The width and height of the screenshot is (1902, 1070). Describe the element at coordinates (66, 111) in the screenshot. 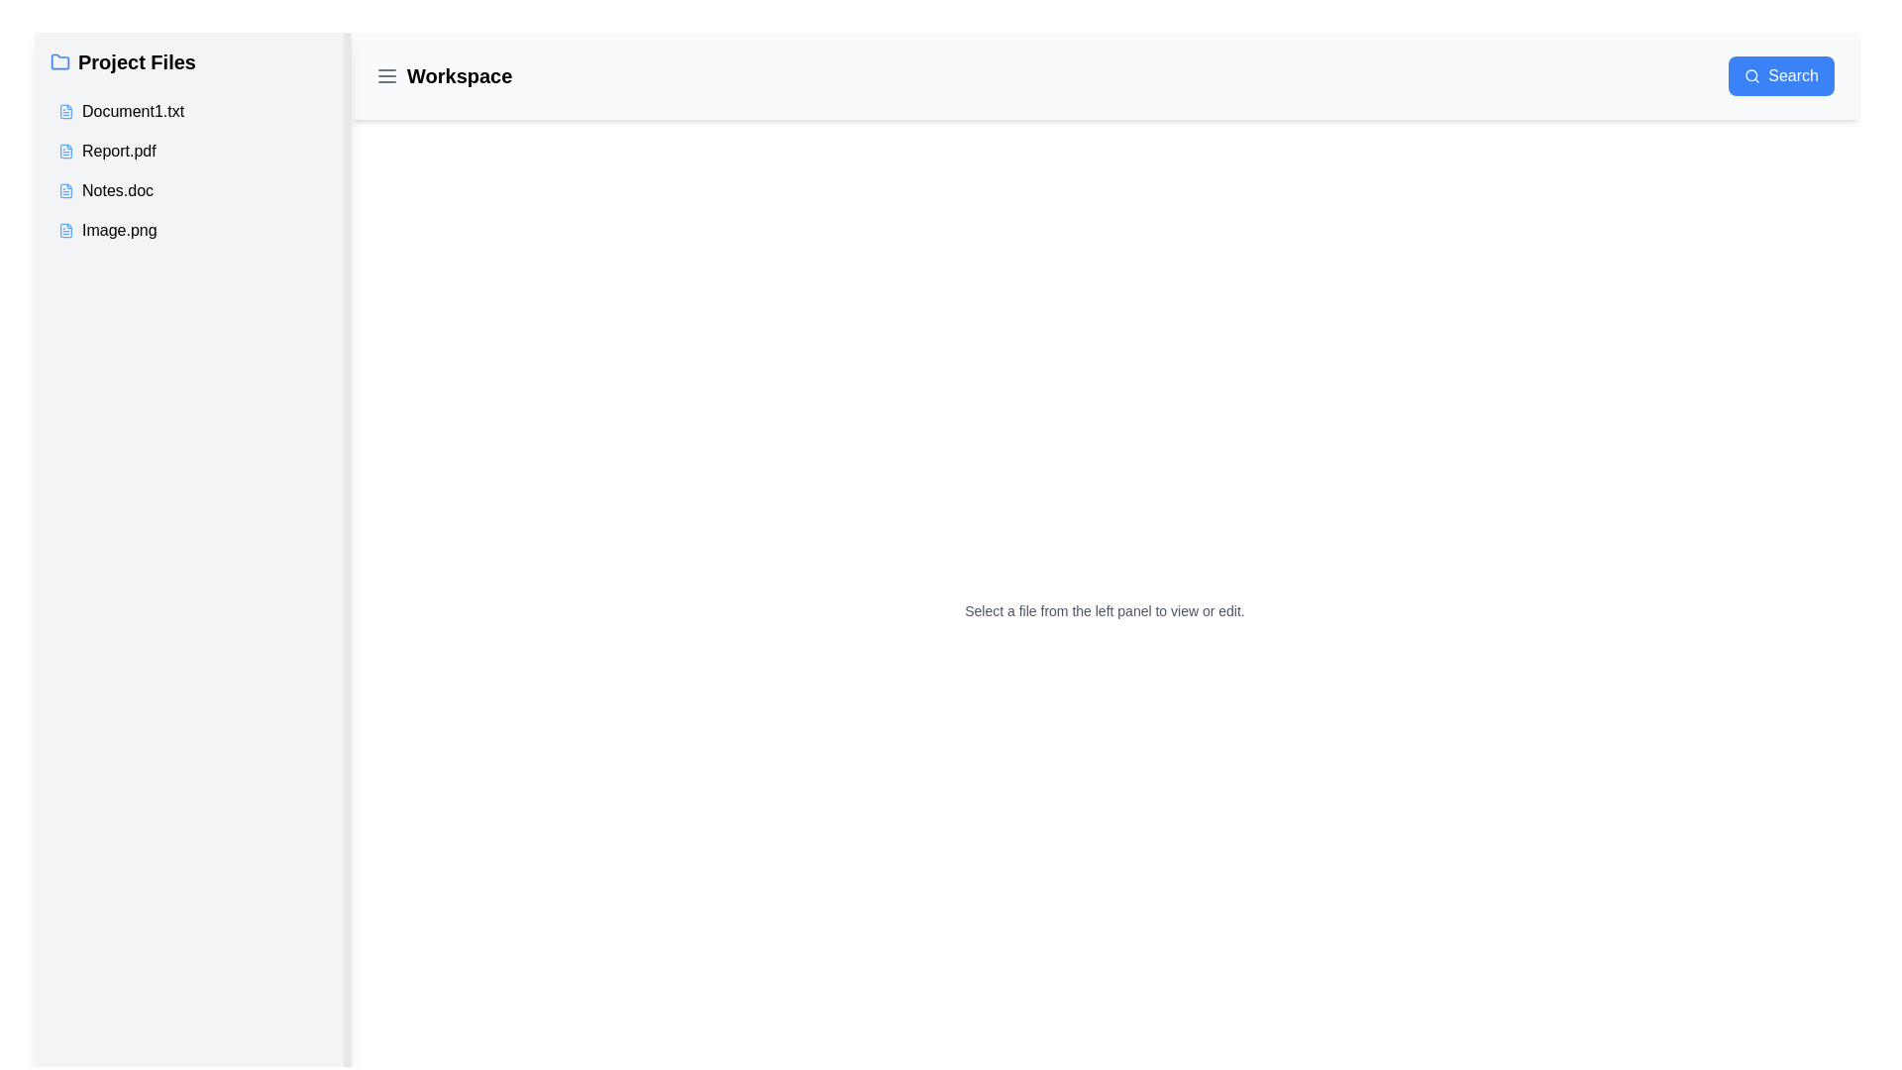

I see `the File icon representing 'Document1.txt' in the 'Project Files' panel` at that location.